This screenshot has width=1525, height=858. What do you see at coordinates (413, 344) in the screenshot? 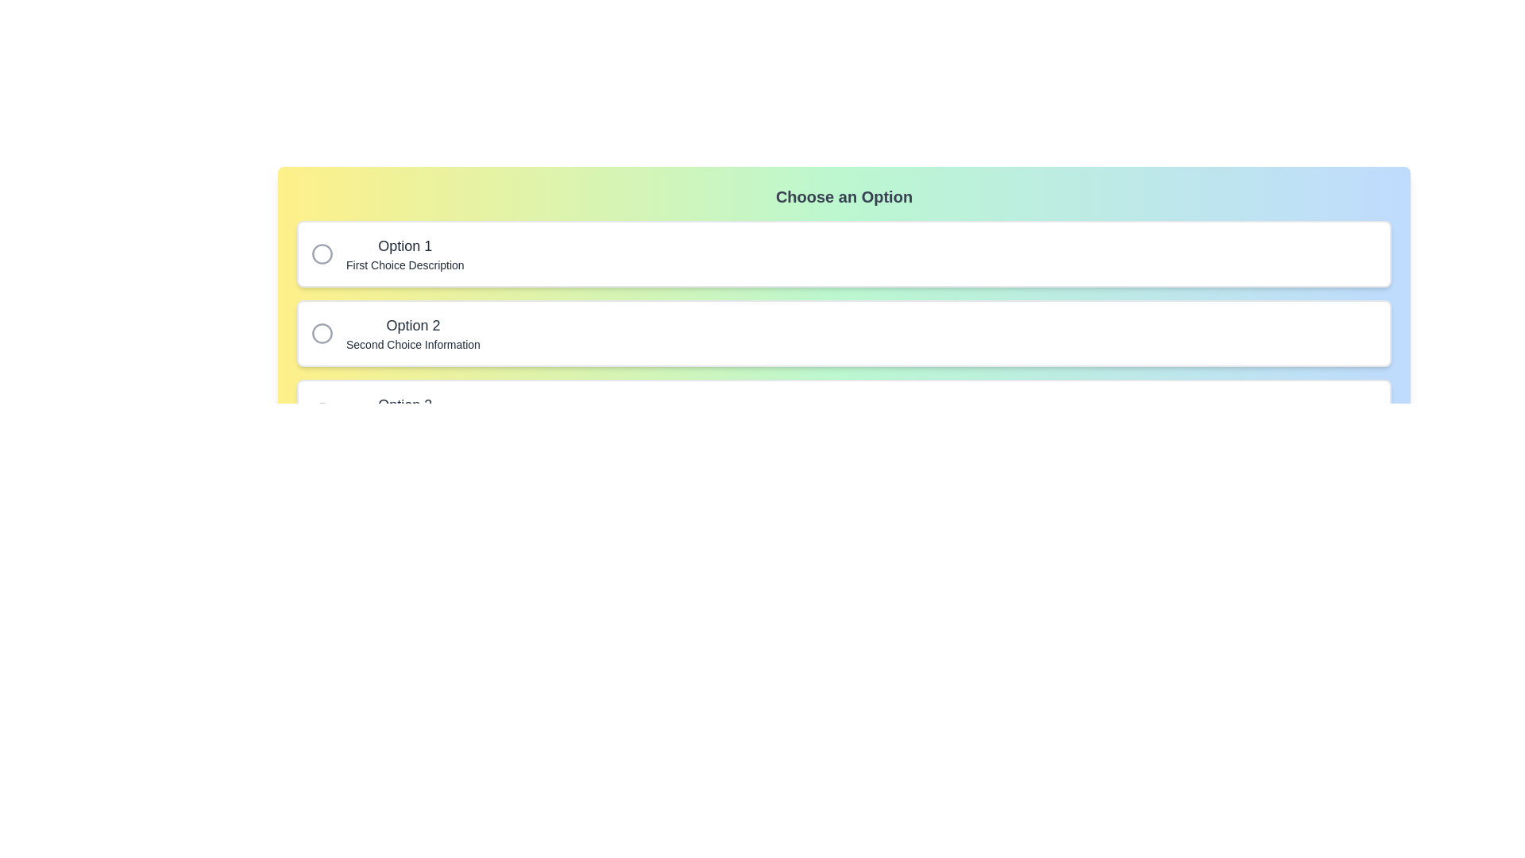
I see `the text label reading 'Second Choice Information' located below the 'Option 2' heading, which is centered horizontally in the second option group` at bounding box center [413, 344].